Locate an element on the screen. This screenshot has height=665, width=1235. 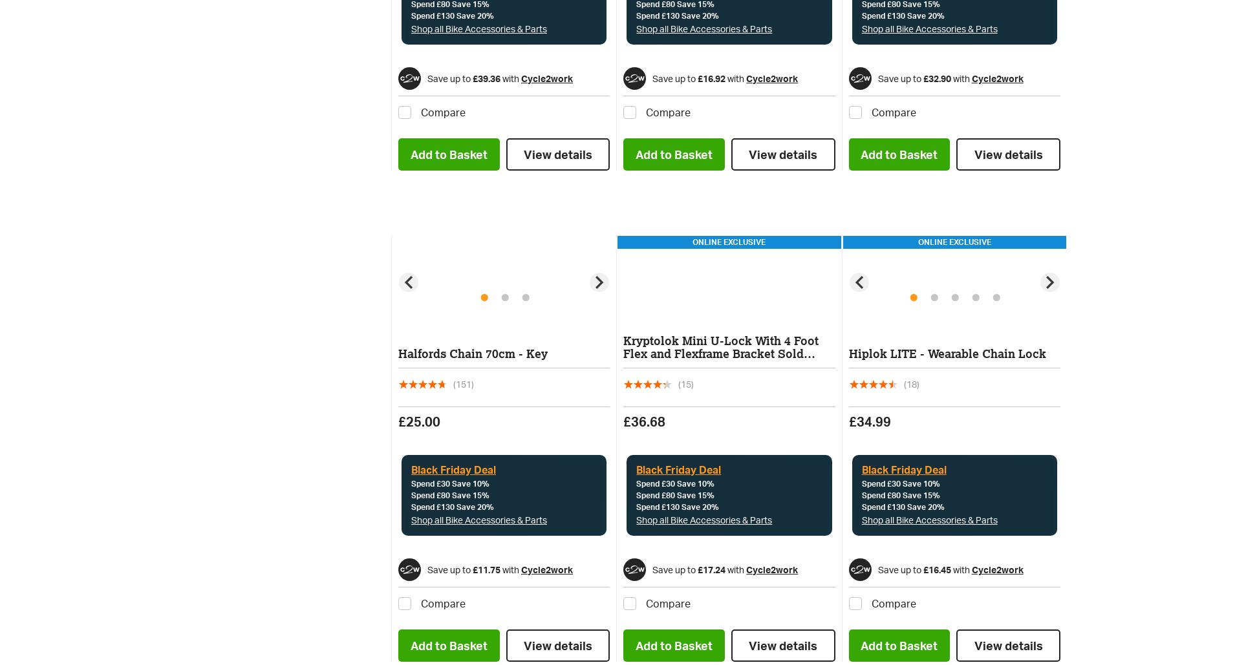
'£25.00' is located at coordinates (398, 421).